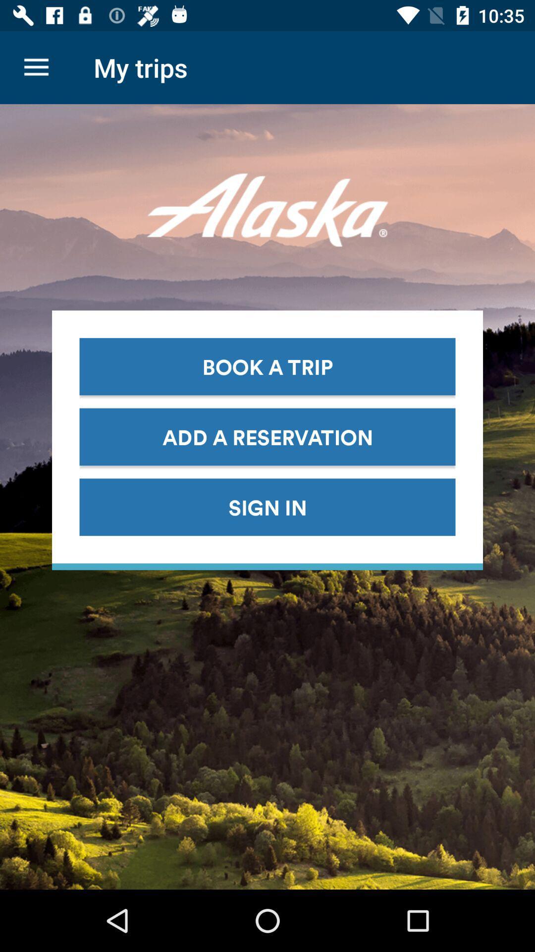  I want to click on icon above sign in, so click(267, 436).